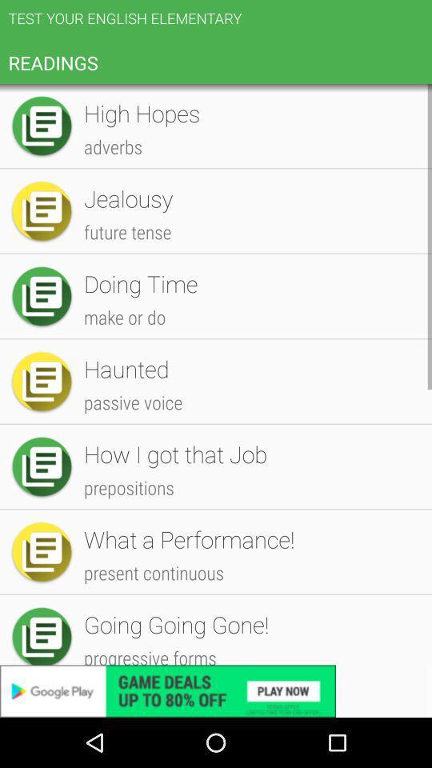 The image size is (432, 768). I want to click on icon below random test, so click(250, 307).